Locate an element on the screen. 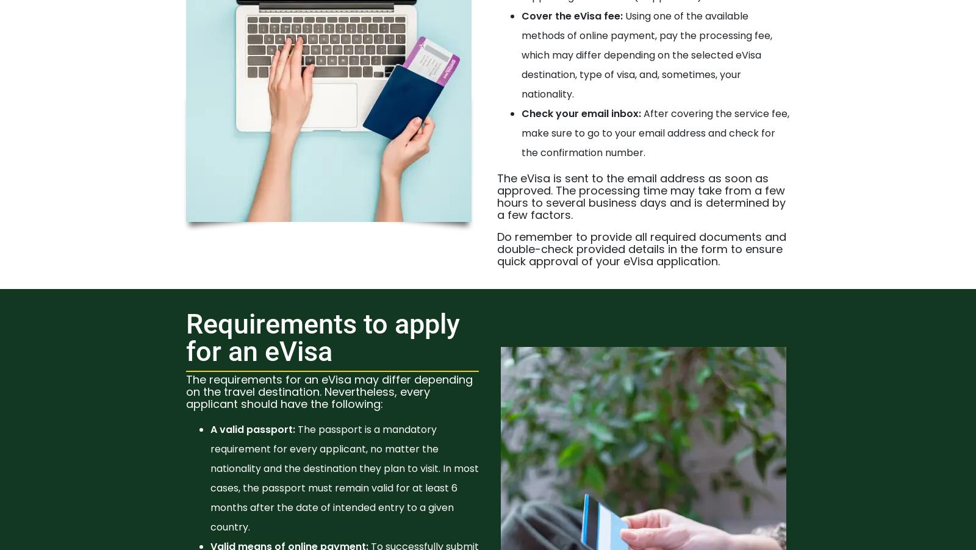 The width and height of the screenshot is (976, 550). 'Requirements to apply for an eVisa' is located at coordinates (322, 337).